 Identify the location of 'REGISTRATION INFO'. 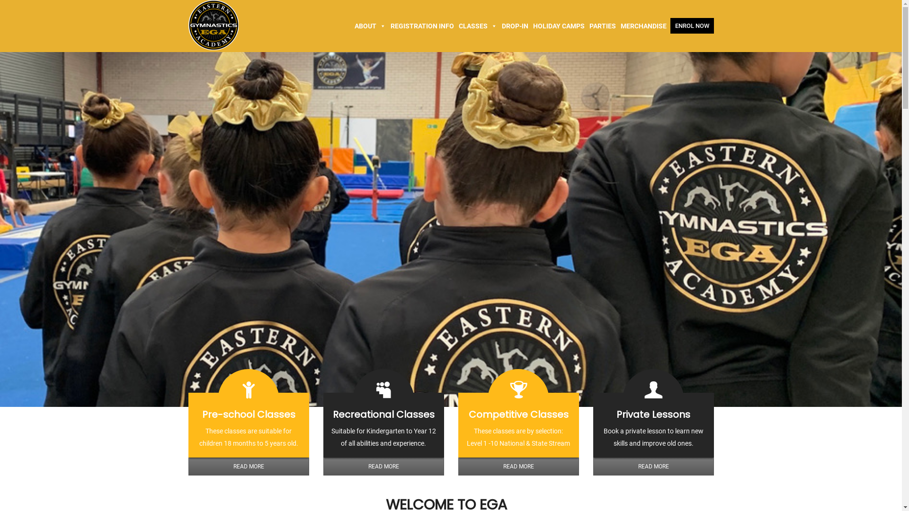
(422, 25).